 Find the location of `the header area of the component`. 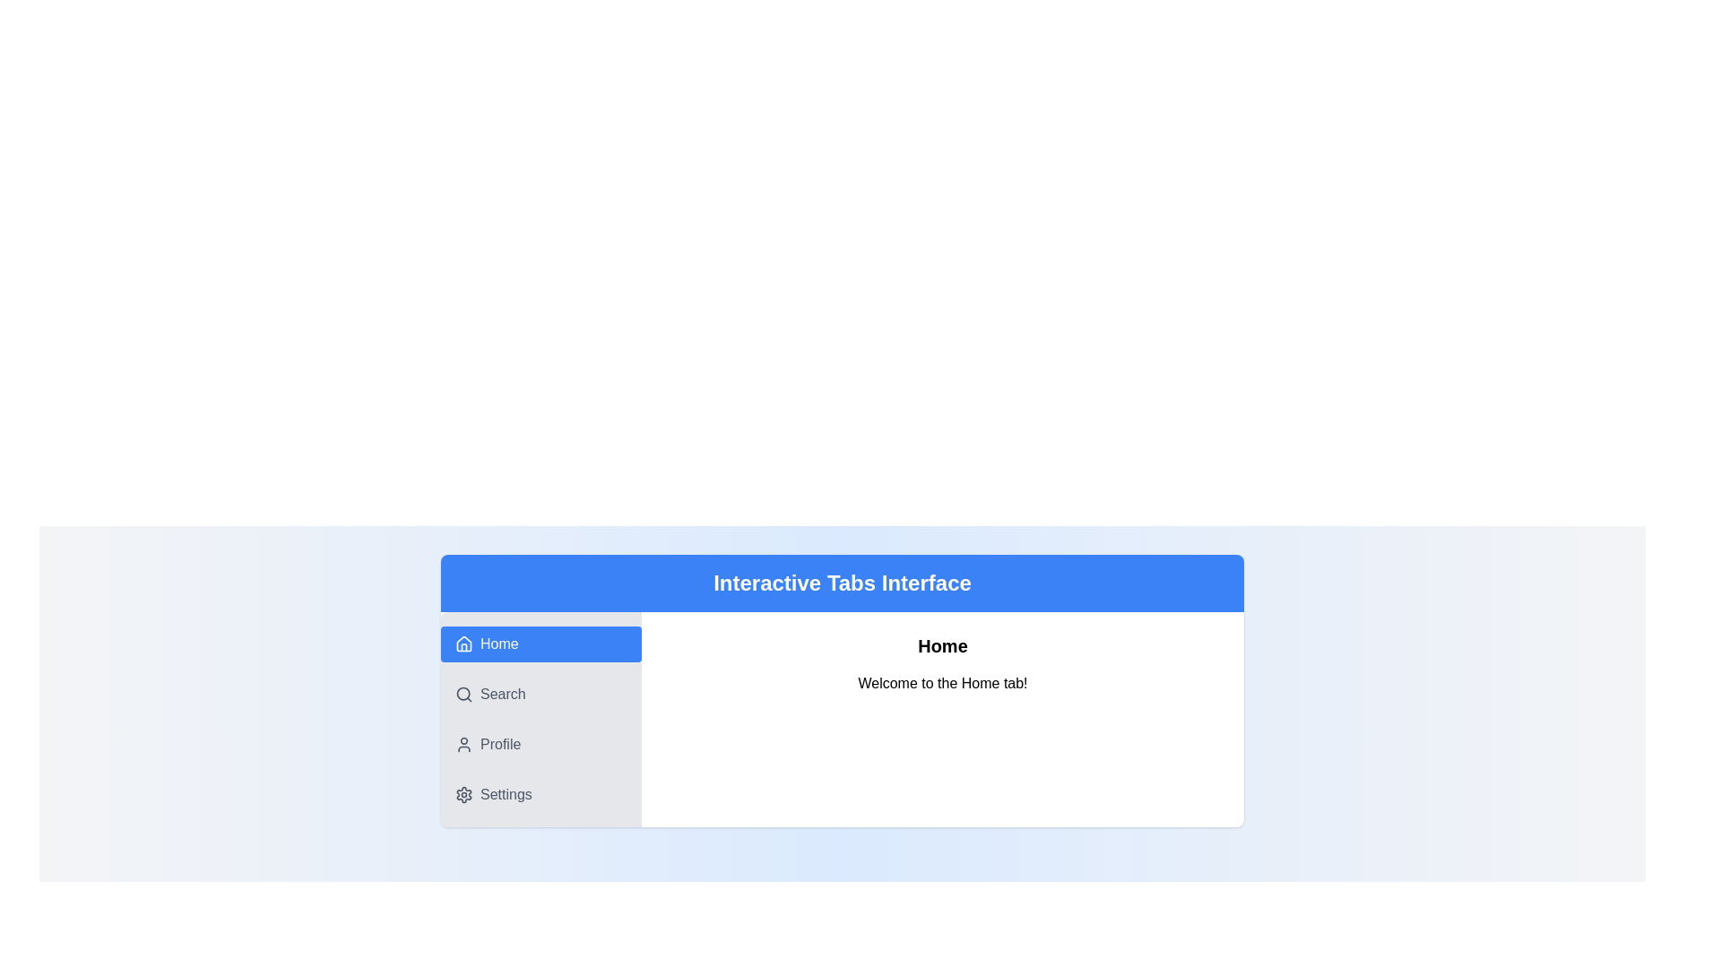

the header area of the component is located at coordinates (842, 583).